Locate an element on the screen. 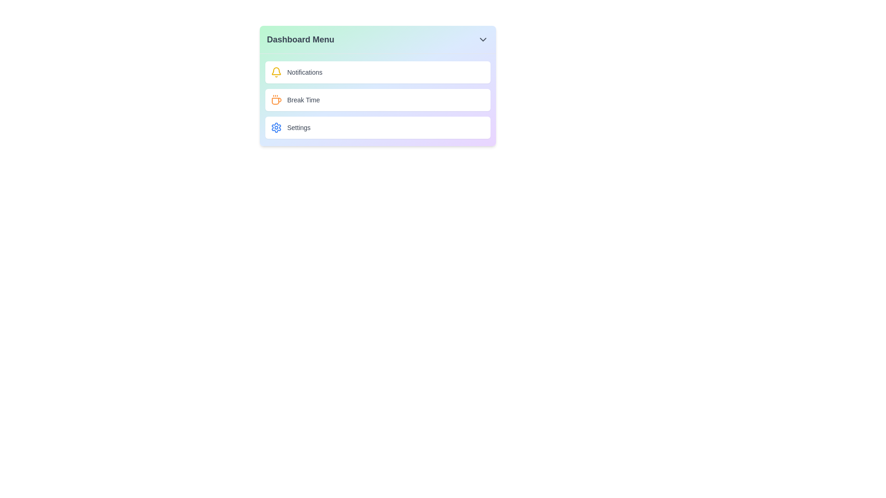  the static text label that indicates the purpose of the second menu option, which is aligned next to an orange icon on the left is located at coordinates (303, 100).